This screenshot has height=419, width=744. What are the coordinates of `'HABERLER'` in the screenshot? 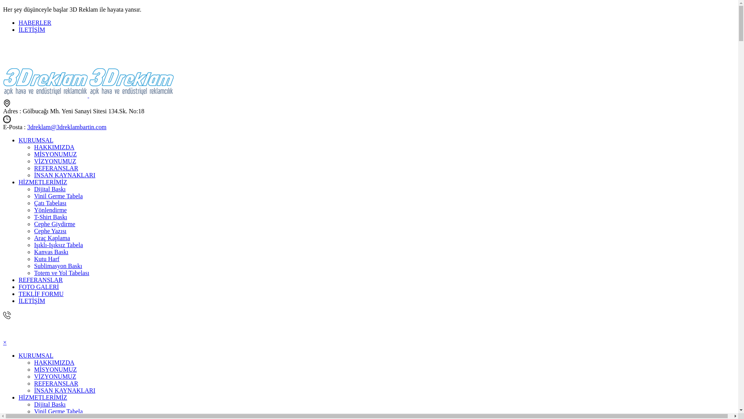 It's located at (34, 22).